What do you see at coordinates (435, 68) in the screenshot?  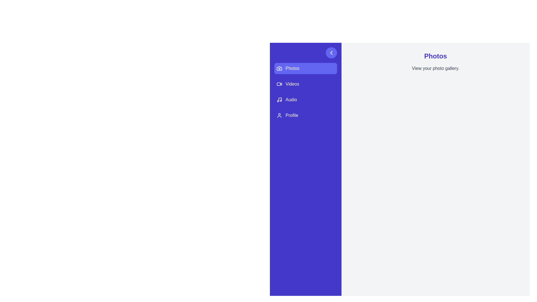 I see `the informational text label located beneath the 'Photos' heading in the main content panel, which provides context for photo gallery functionalities` at bounding box center [435, 68].